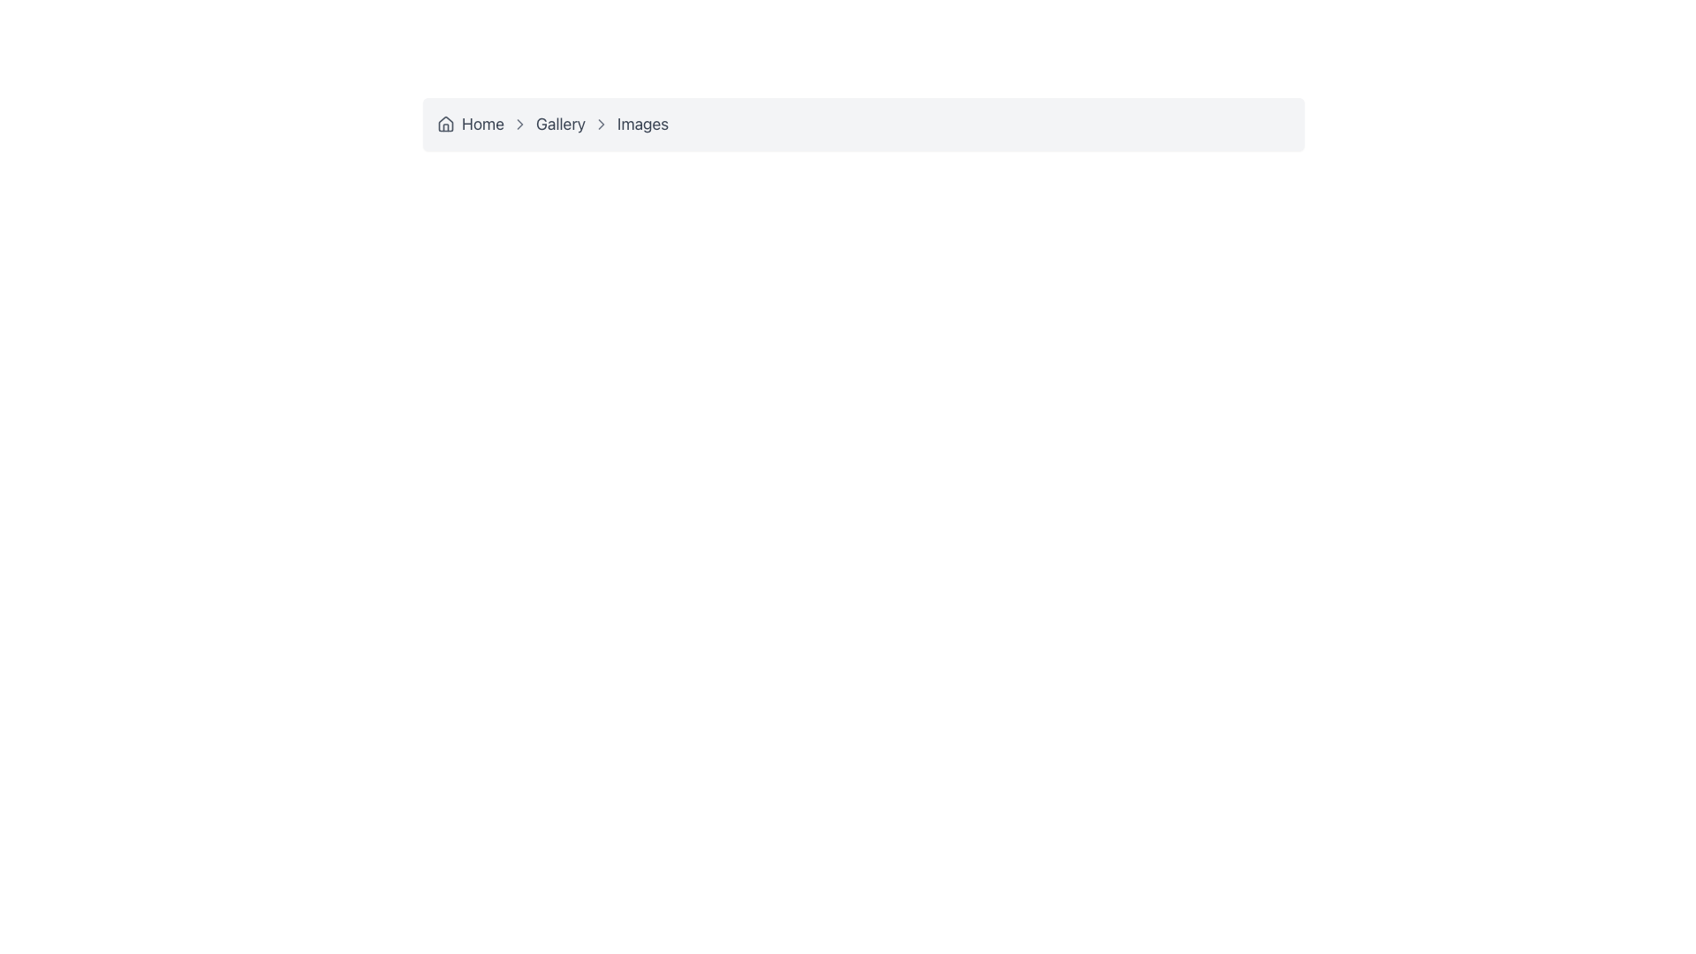 The width and height of the screenshot is (1696, 954). I want to click on the breadcrumb navigation links, so click(864, 124).